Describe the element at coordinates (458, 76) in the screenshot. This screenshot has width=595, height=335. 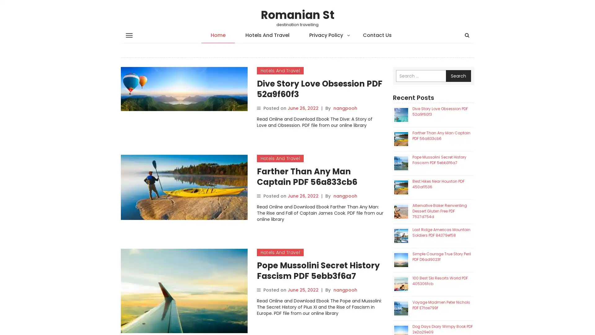
I see `Search` at that location.